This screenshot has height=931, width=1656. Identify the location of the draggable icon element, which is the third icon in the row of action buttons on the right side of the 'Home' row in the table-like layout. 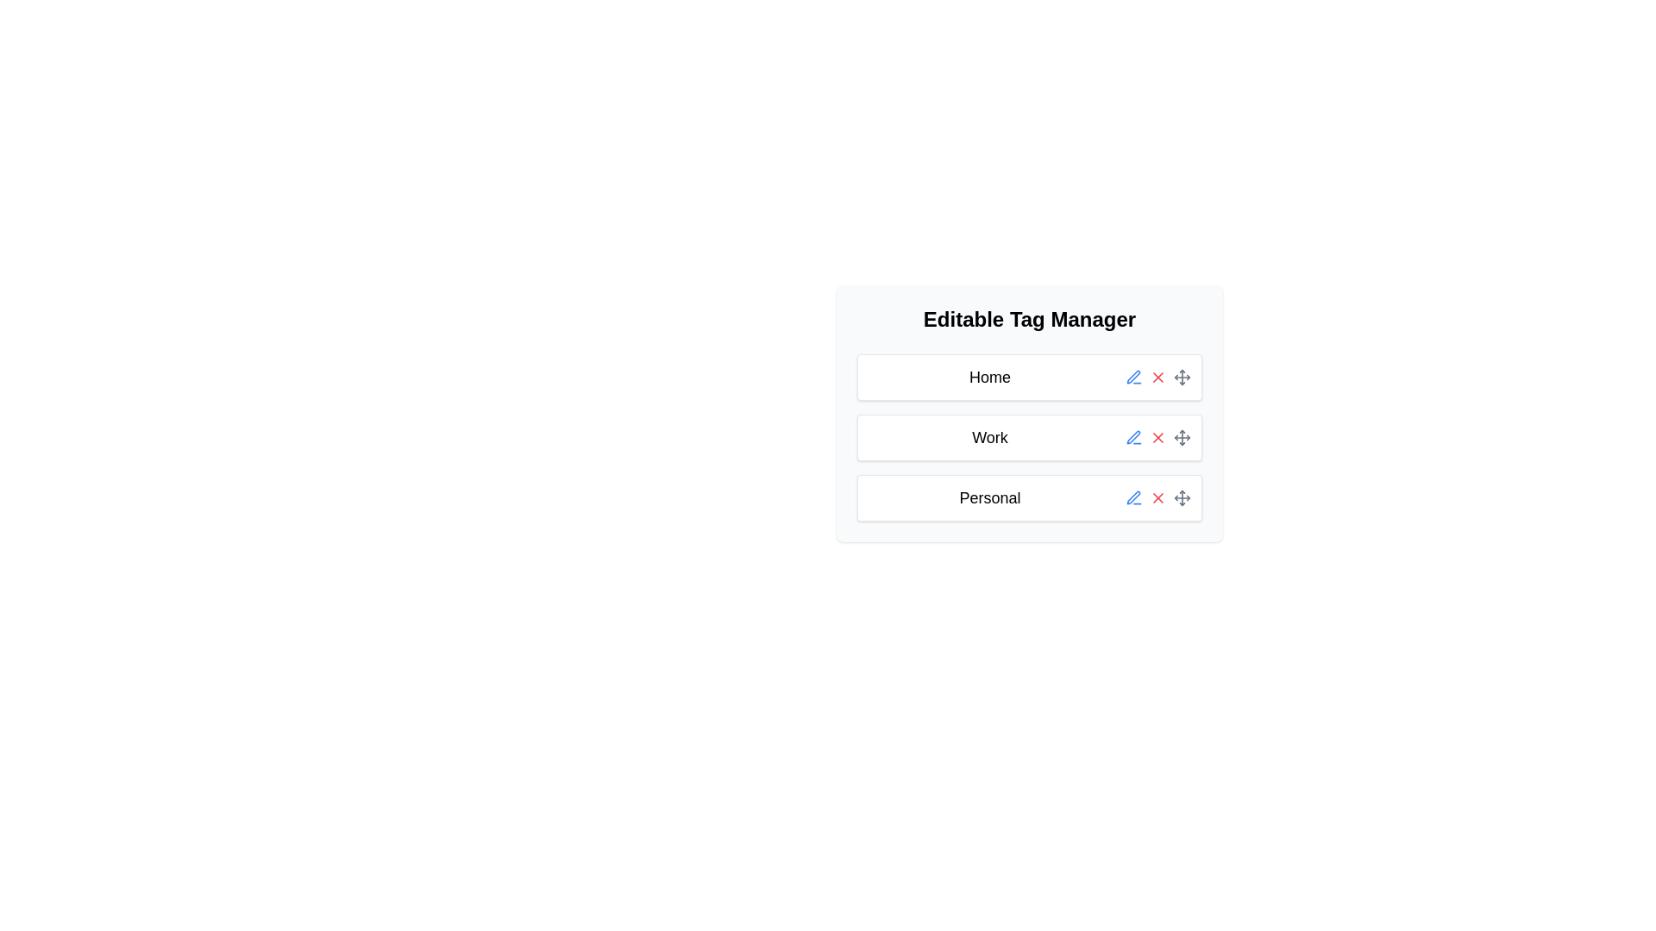
(1182, 377).